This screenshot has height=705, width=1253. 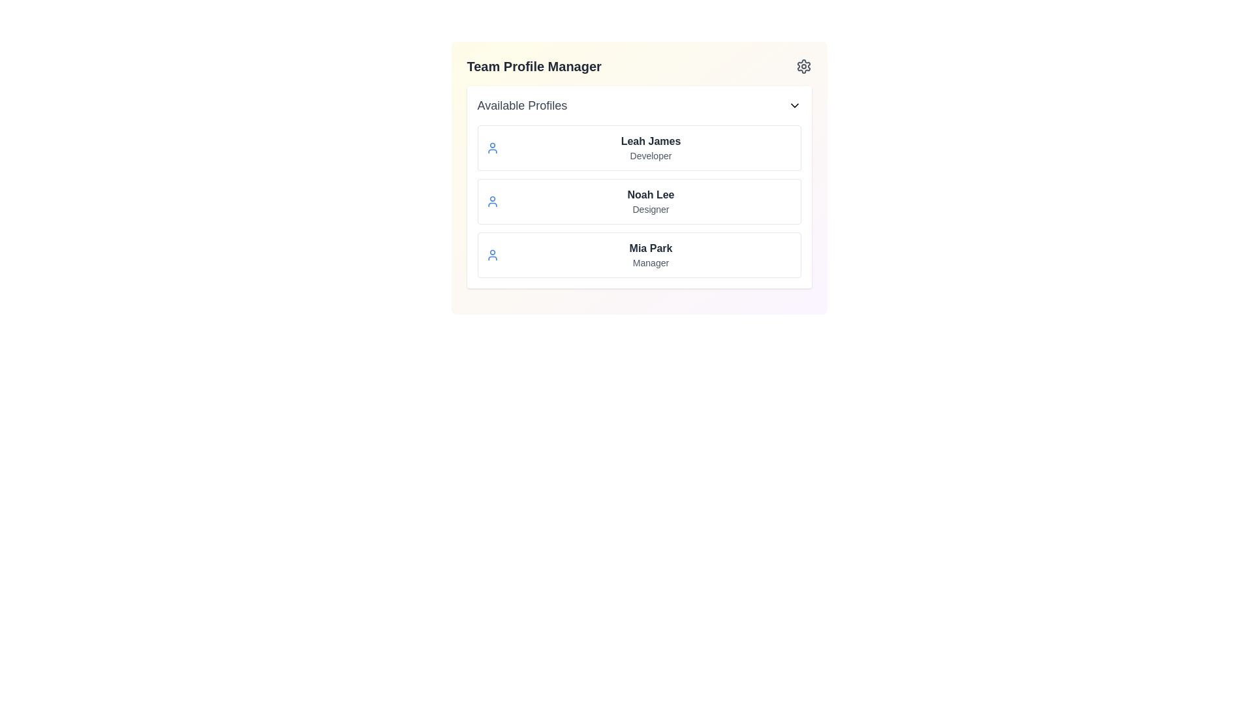 I want to click on text displayed in the Text label of the first profile card under the 'Available Profiles' section in the 'Team Profile Manager', so click(x=651, y=141).